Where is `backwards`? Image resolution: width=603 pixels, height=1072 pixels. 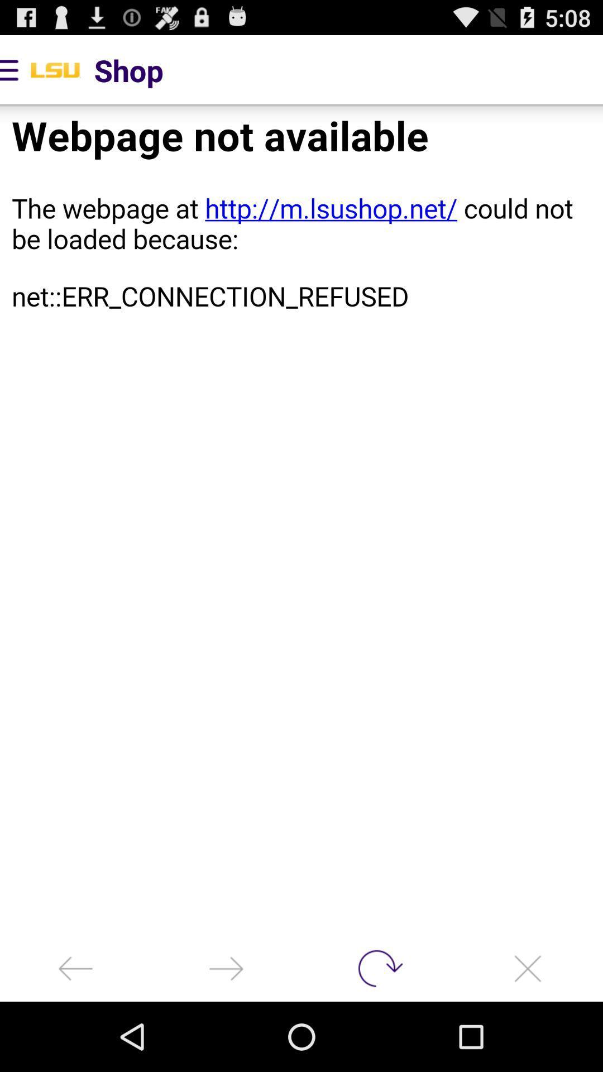
backwards is located at coordinates (75, 968).